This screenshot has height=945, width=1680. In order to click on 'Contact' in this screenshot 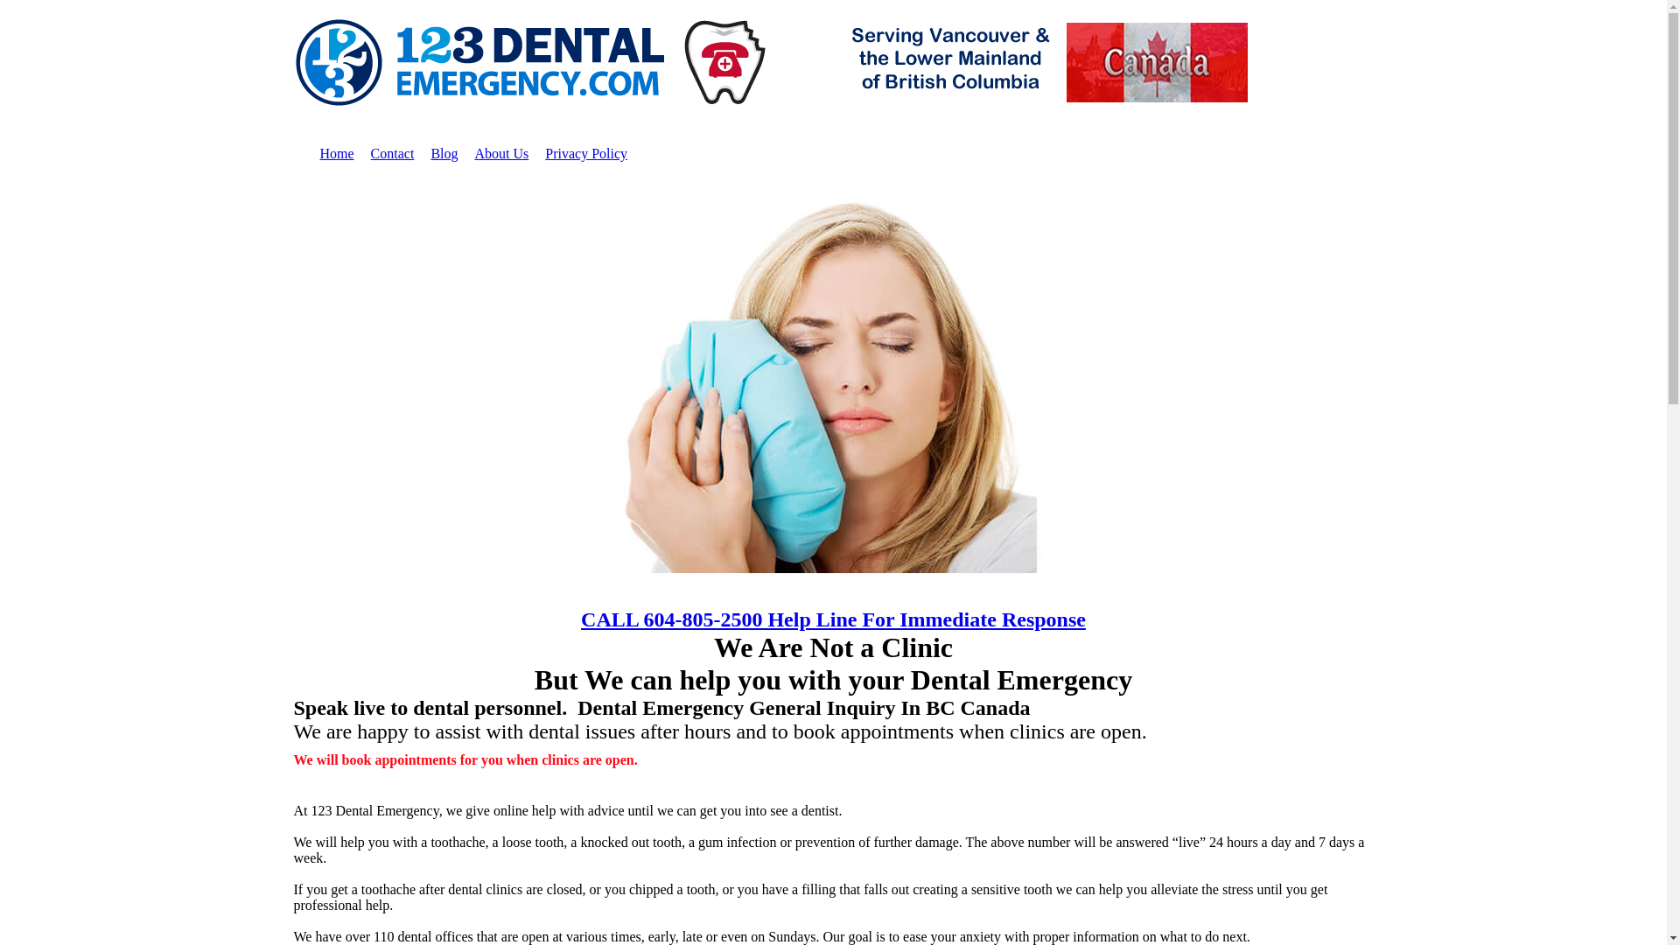, I will do `click(392, 152)`.